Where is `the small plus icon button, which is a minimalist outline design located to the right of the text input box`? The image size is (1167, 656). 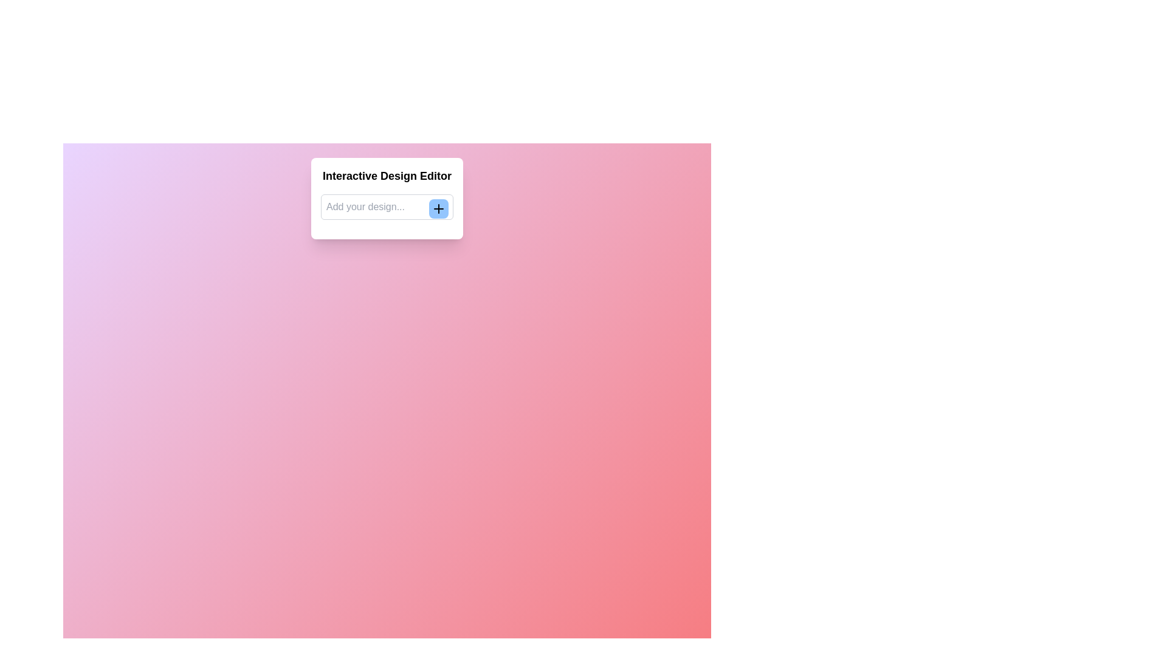
the small plus icon button, which is a minimalist outline design located to the right of the text input box is located at coordinates (438, 208).